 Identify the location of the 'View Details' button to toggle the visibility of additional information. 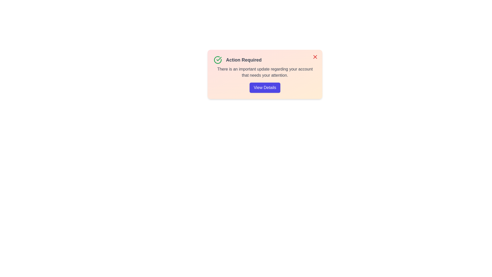
(265, 87).